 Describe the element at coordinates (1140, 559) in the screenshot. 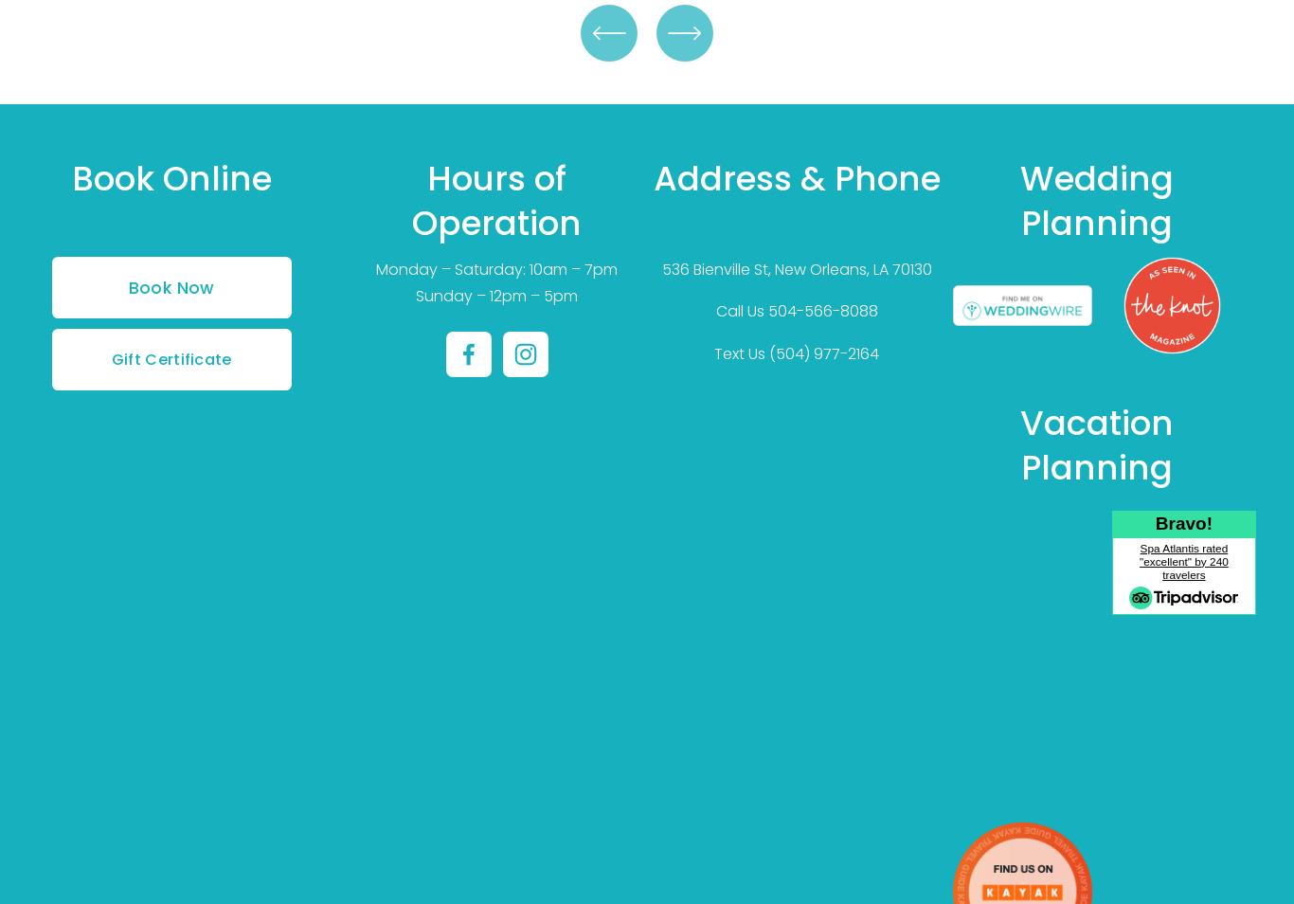

I see `'Spa Atlantis rated "excellent" by 240 travelers'` at that location.